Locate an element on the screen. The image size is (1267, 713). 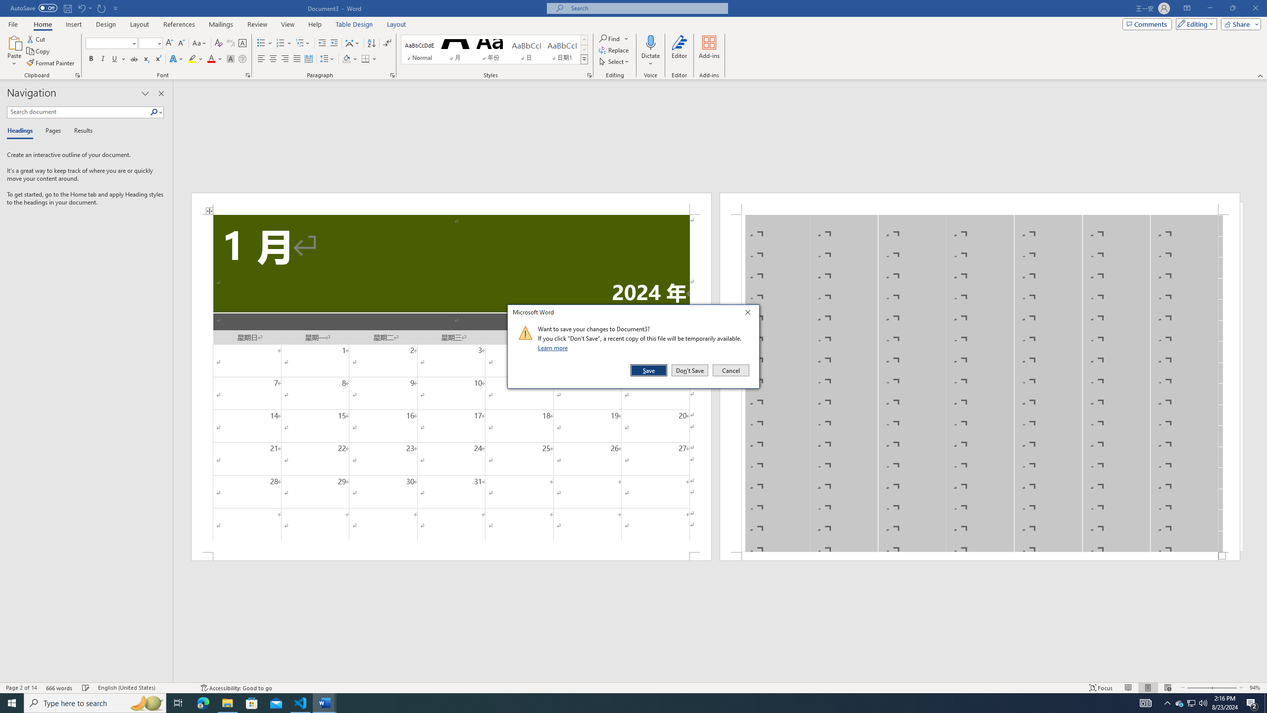
'Text Highlight Color' is located at coordinates (195, 58).